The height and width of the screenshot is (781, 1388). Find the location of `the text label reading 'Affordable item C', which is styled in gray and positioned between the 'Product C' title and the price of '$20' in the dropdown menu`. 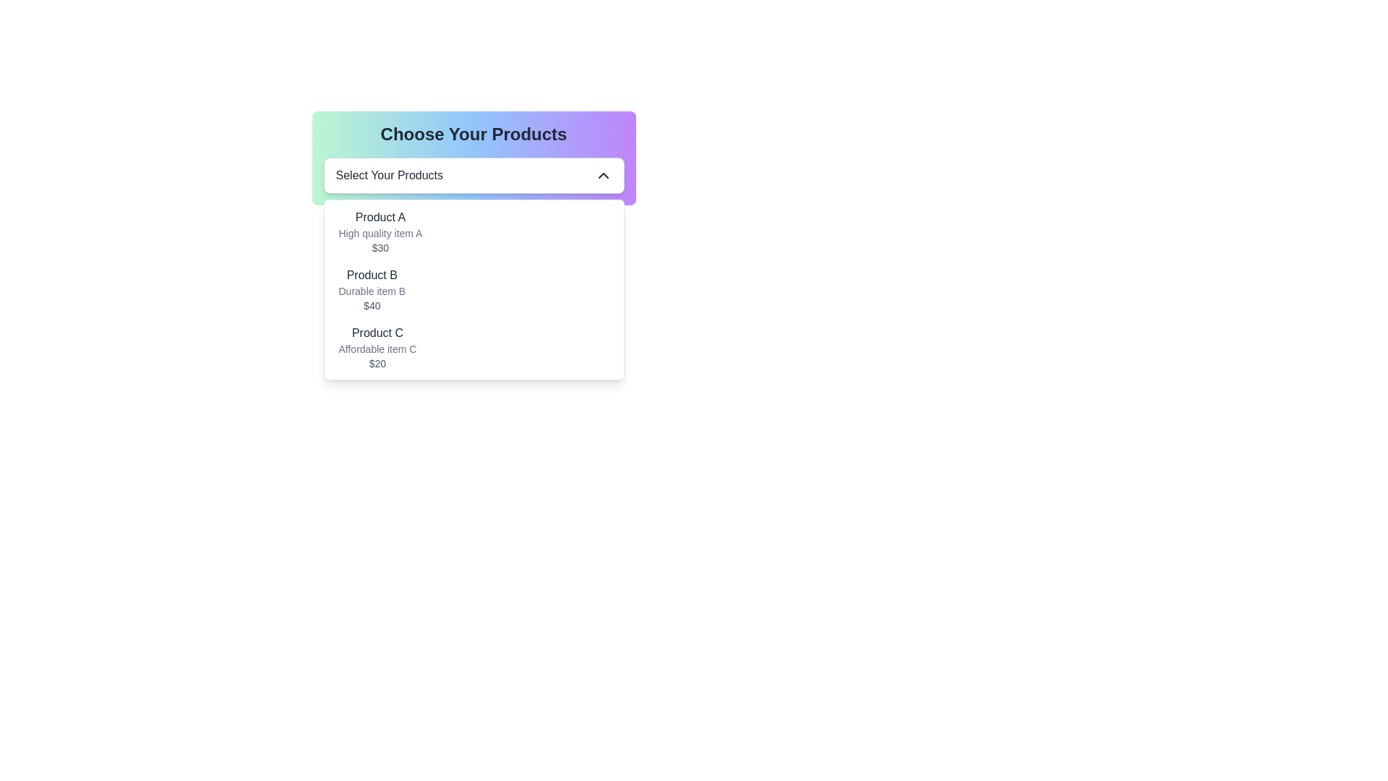

the text label reading 'Affordable item C', which is styled in gray and positioned between the 'Product C' title and the price of '$20' in the dropdown menu is located at coordinates (377, 349).